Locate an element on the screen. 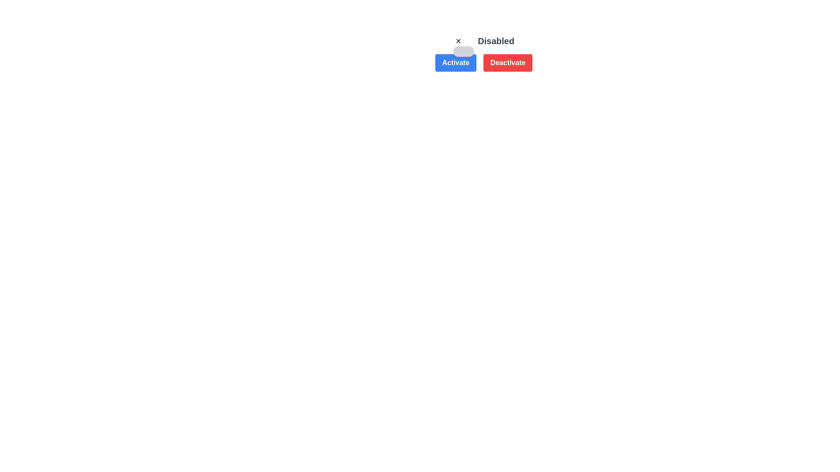 The image size is (840, 472). the 'Activate' button located on the left side of the button group, positioned below the 'Disabled' label and to the right of the text 'x' is located at coordinates (455, 62).